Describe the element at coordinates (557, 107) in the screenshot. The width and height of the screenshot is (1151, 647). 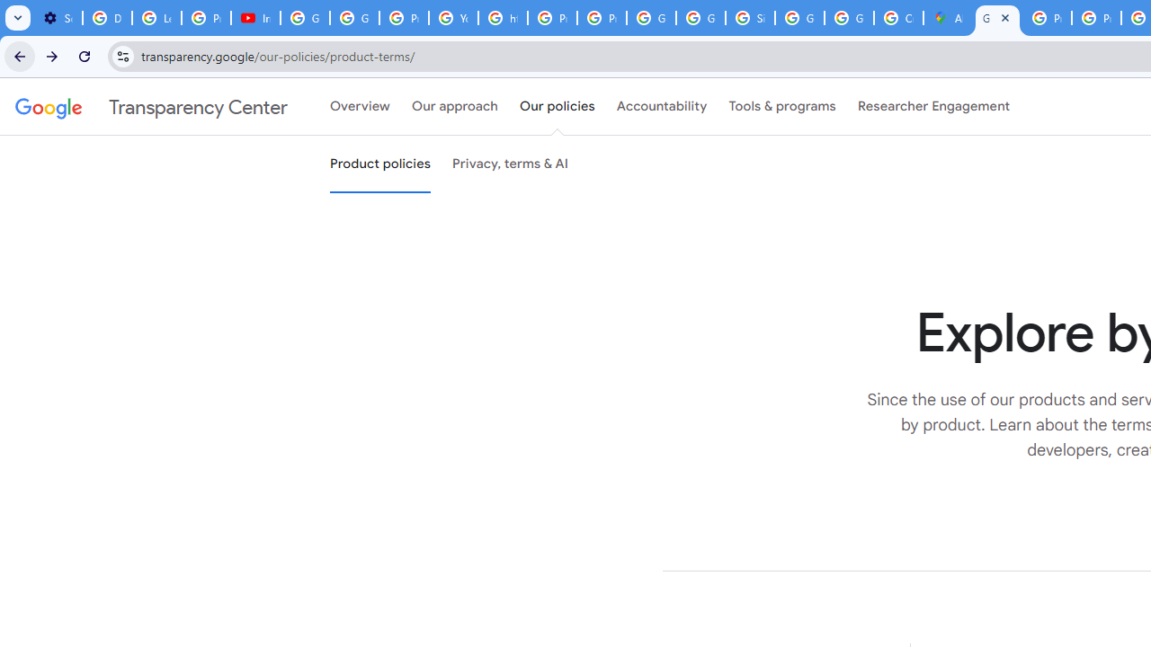
I see `'Our policies'` at that location.